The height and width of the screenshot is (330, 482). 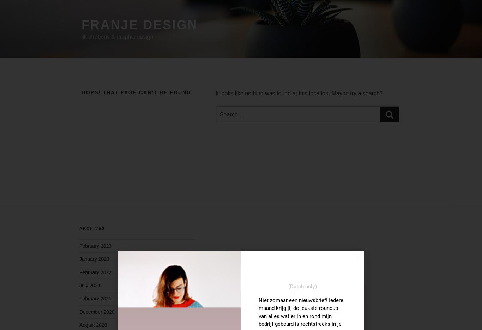 What do you see at coordinates (79, 228) in the screenshot?
I see `'Archives'` at bounding box center [79, 228].